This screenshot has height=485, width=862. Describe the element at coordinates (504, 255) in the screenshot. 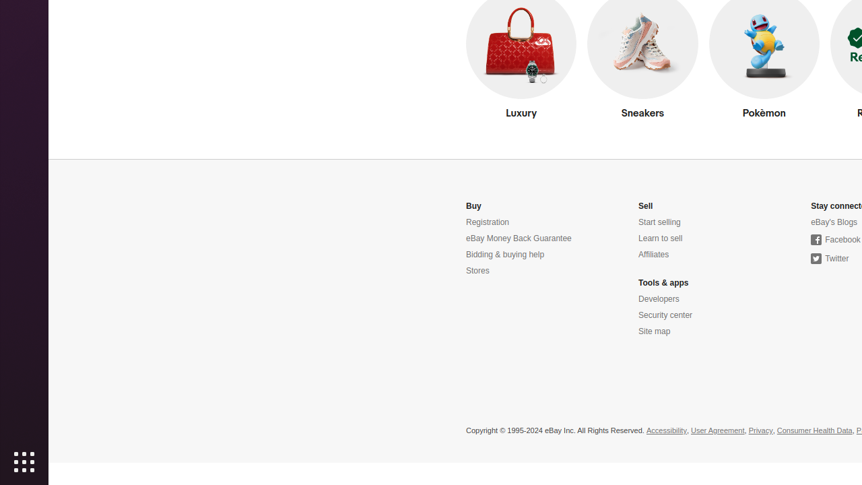

I see `'Bidding & buying help'` at that location.